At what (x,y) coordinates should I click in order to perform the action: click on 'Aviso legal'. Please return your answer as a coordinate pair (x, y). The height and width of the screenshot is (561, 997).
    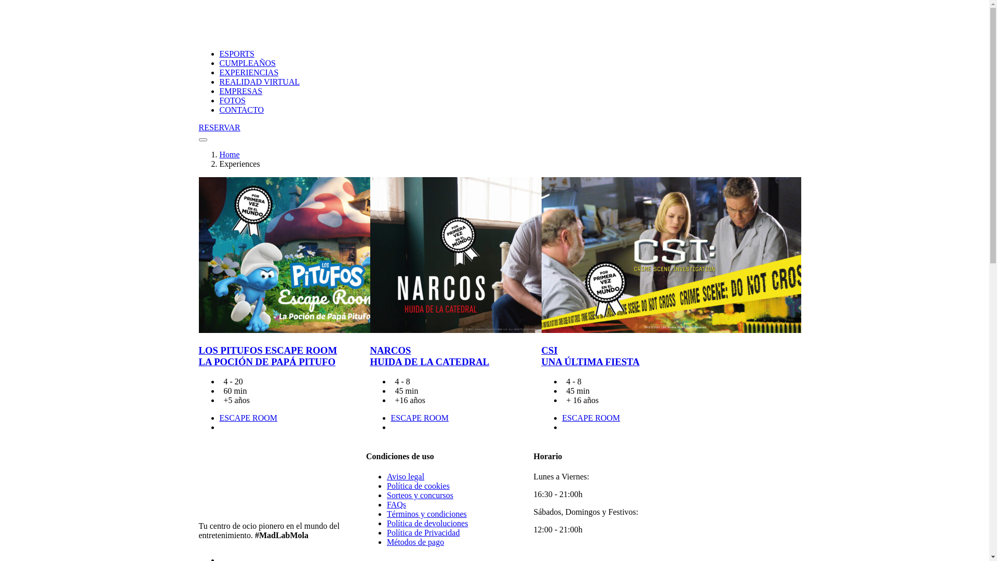
    Looking at the image, I should click on (405, 476).